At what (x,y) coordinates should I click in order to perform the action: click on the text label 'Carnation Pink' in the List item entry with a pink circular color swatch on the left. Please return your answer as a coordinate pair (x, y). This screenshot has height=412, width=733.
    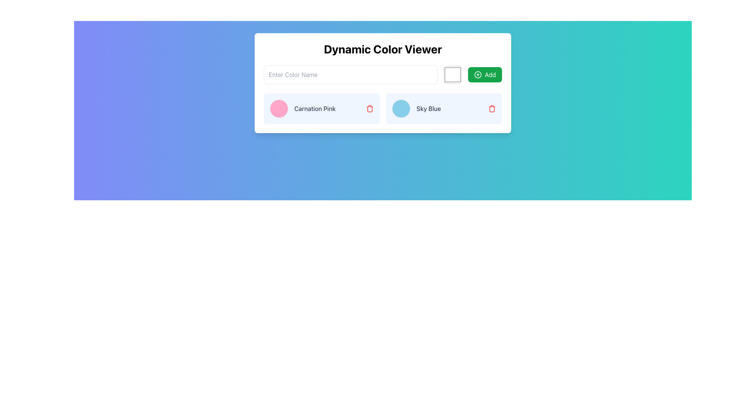
    Looking at the image, I should click on (302, 109).